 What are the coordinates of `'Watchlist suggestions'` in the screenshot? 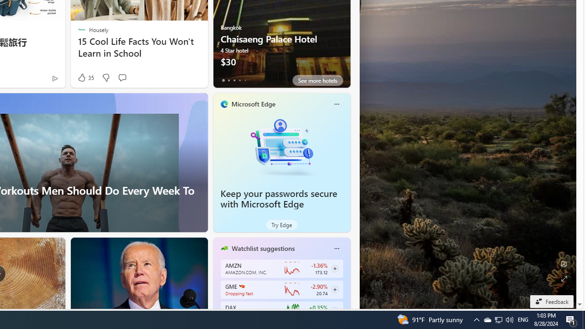 It's located at (262, 248).